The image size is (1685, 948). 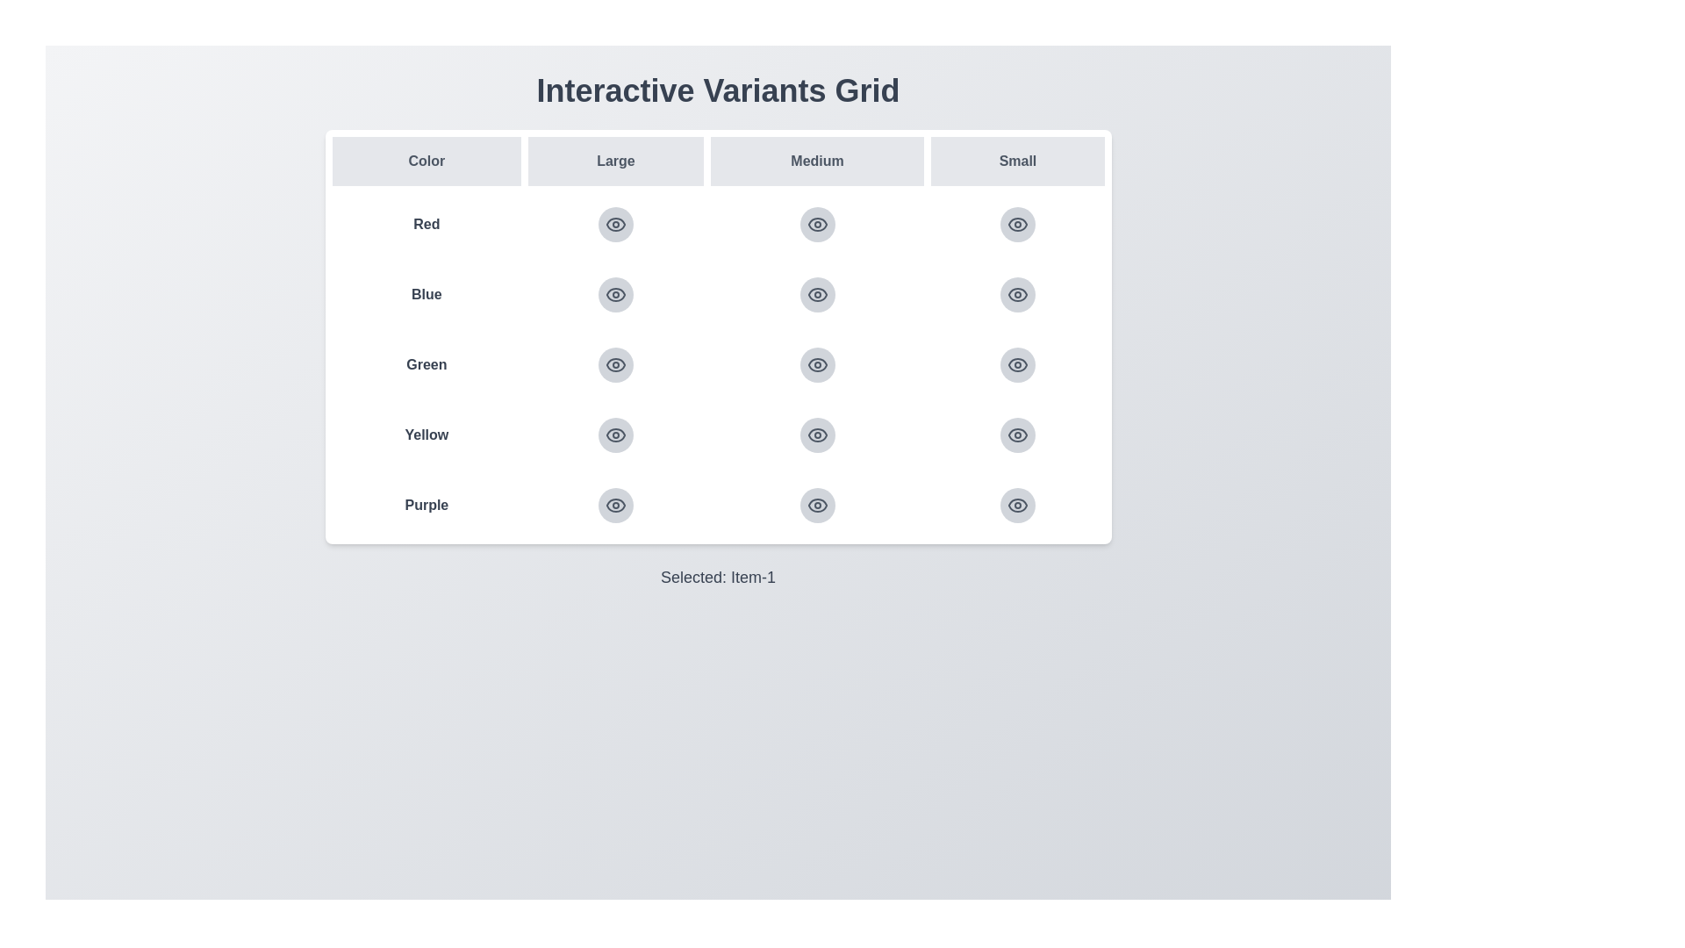 What do you see at coordinates (615, 223) in the screenshot?
I see `the Eye symbol icon within the button in the 'Large' column and 'Red' row of the 'Interactive Variants Grid'` at bounding box center [615, 223].